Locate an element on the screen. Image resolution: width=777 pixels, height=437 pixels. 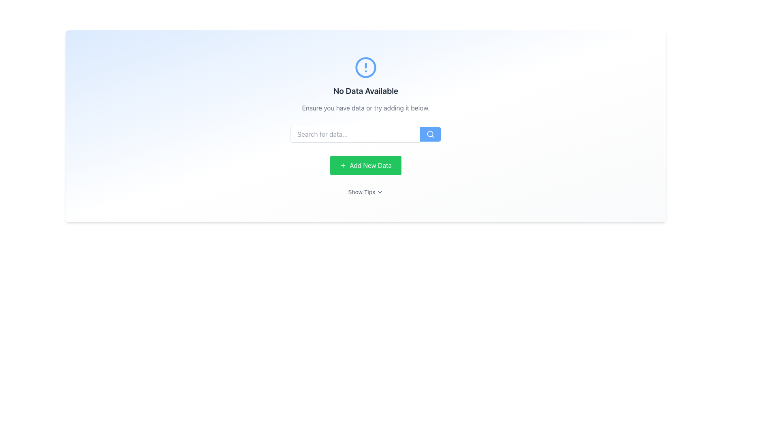
the button located at the bottom center of the 'No Data Available' section is located at coordinates (365, 165).